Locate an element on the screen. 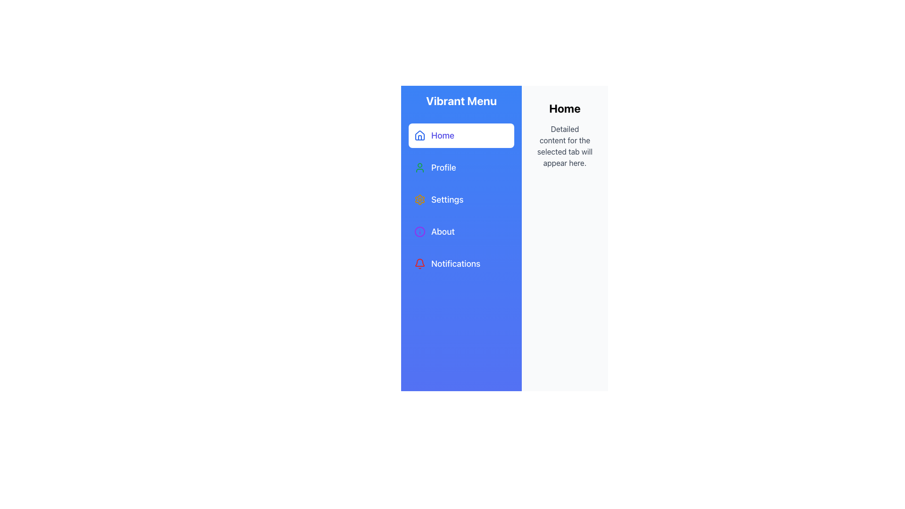 Image resolution: width=905 pixels, height=509 pixels. the 'Notifications' button located at the bottom of the vertical navigation menu is located at coordinates (461, 263).